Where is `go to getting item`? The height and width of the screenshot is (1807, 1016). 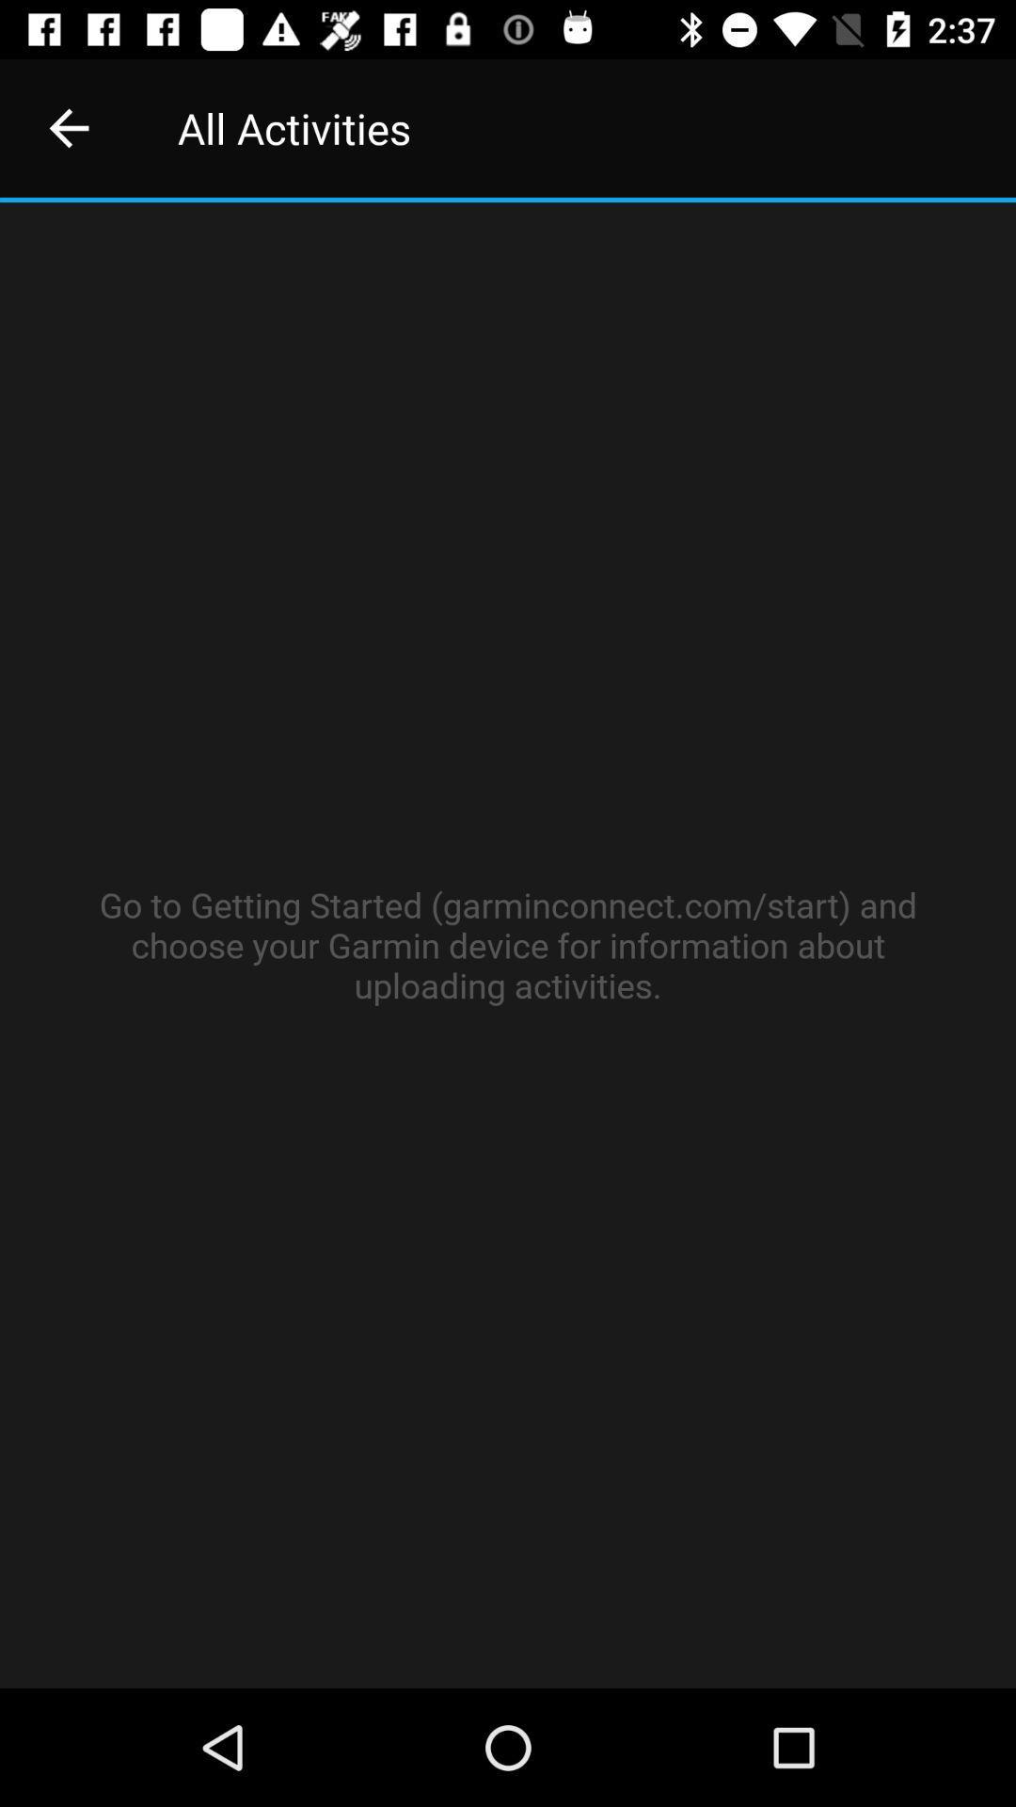
go to getting item is located at coordinates (508, 945).